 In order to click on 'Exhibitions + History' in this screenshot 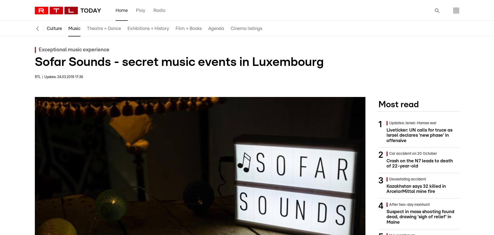, I will do `click(148, 28)`.